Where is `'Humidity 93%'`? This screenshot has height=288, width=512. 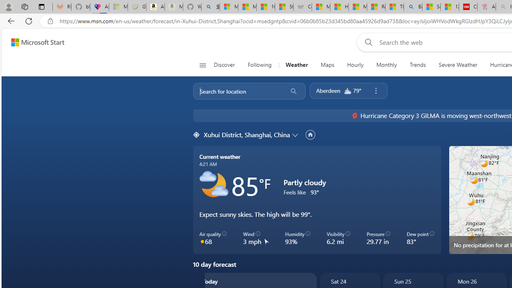
'Humidity 93%' is located at coordinates (297, 238).